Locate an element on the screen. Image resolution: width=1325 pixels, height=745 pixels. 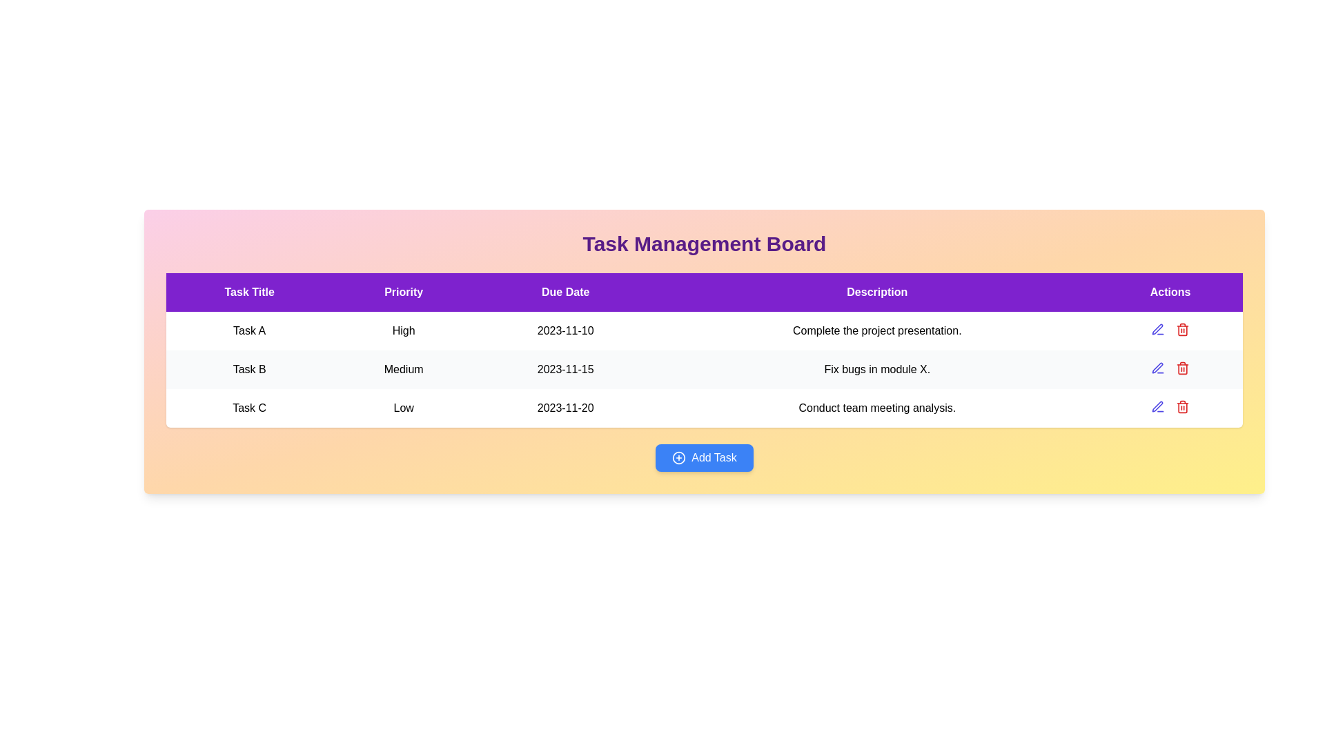
text 'Task A' from the Text Label located in the first row of the 'Task Title' column of the data table is located at coordinates (249, 330).